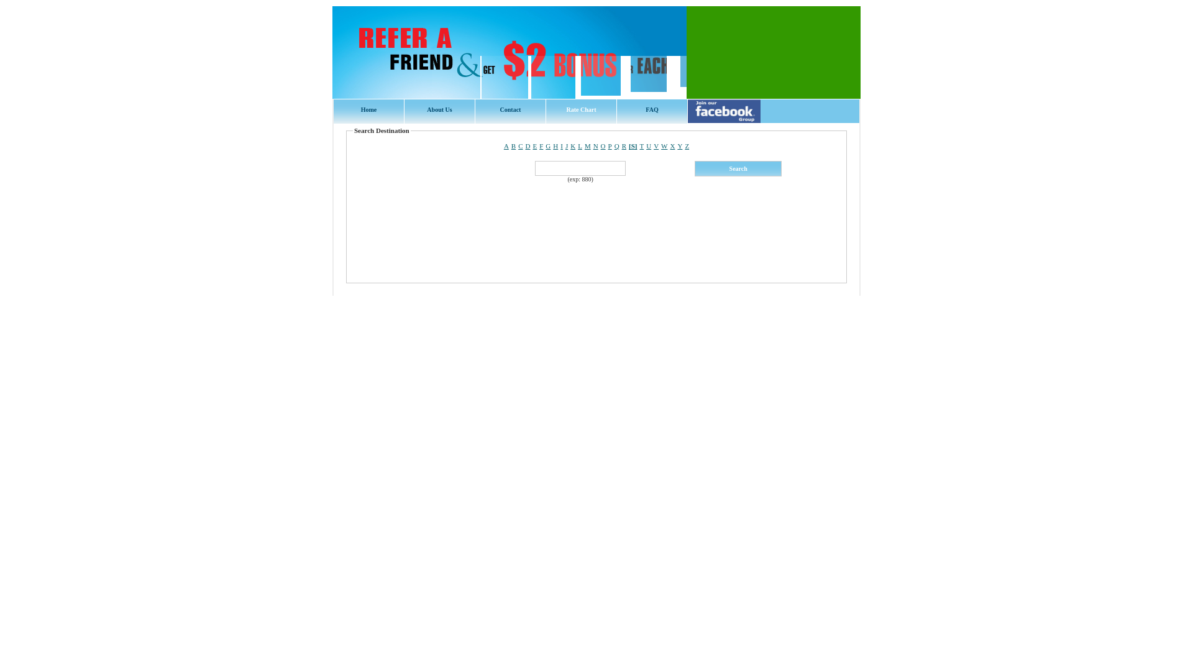 This screenshot has width=1193, height=671. I want to click on 'Y', so click(679, 145).